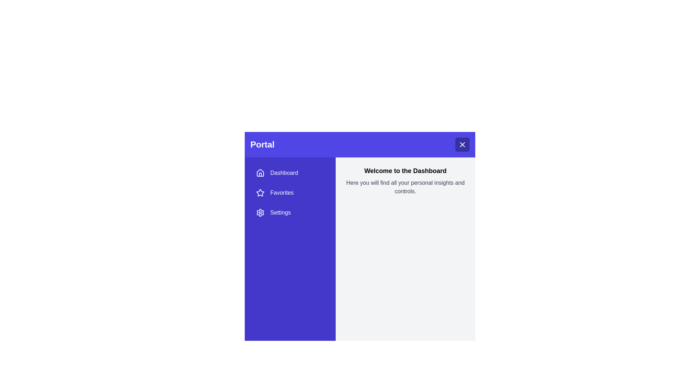 The height and width of the screenshot is (383, 682). Describe the element at coordinates (290, 193) in the screenshot. I see `the 'Favorites' button located in the sidebar, directly below the 'Dashboard' item` at that location.